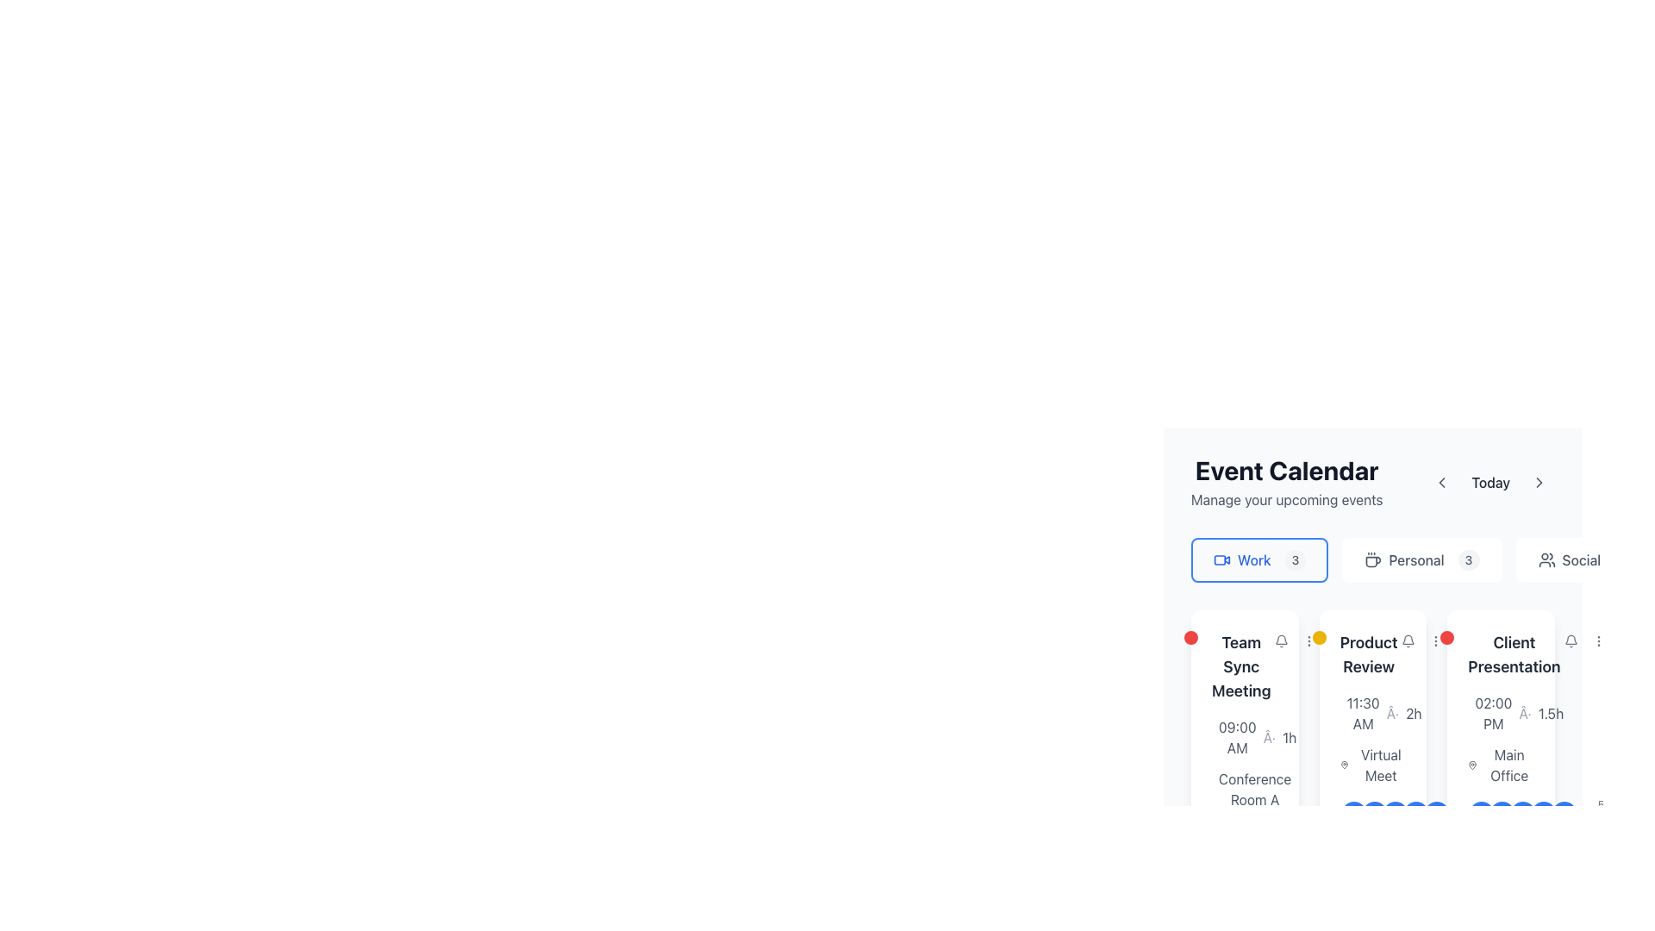  Describe the element at coordinates (1551, 714) in the screenshot. I see `the text label displaying '1.5h' in gray font, which is positioned below the event time '02:00 PM' on the rightmost event card in the event calendar interface` at that location.